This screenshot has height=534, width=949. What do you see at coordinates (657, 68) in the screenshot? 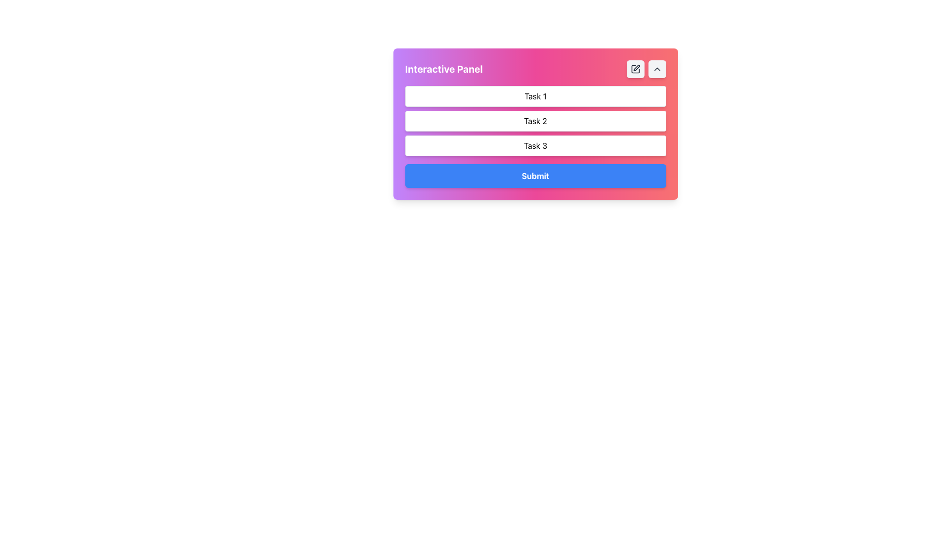
I see `the small square button with a light gray background and a chevron-up icon in the center, located at the top-right corner of the interactive panel` at bounding box center [657, 68].